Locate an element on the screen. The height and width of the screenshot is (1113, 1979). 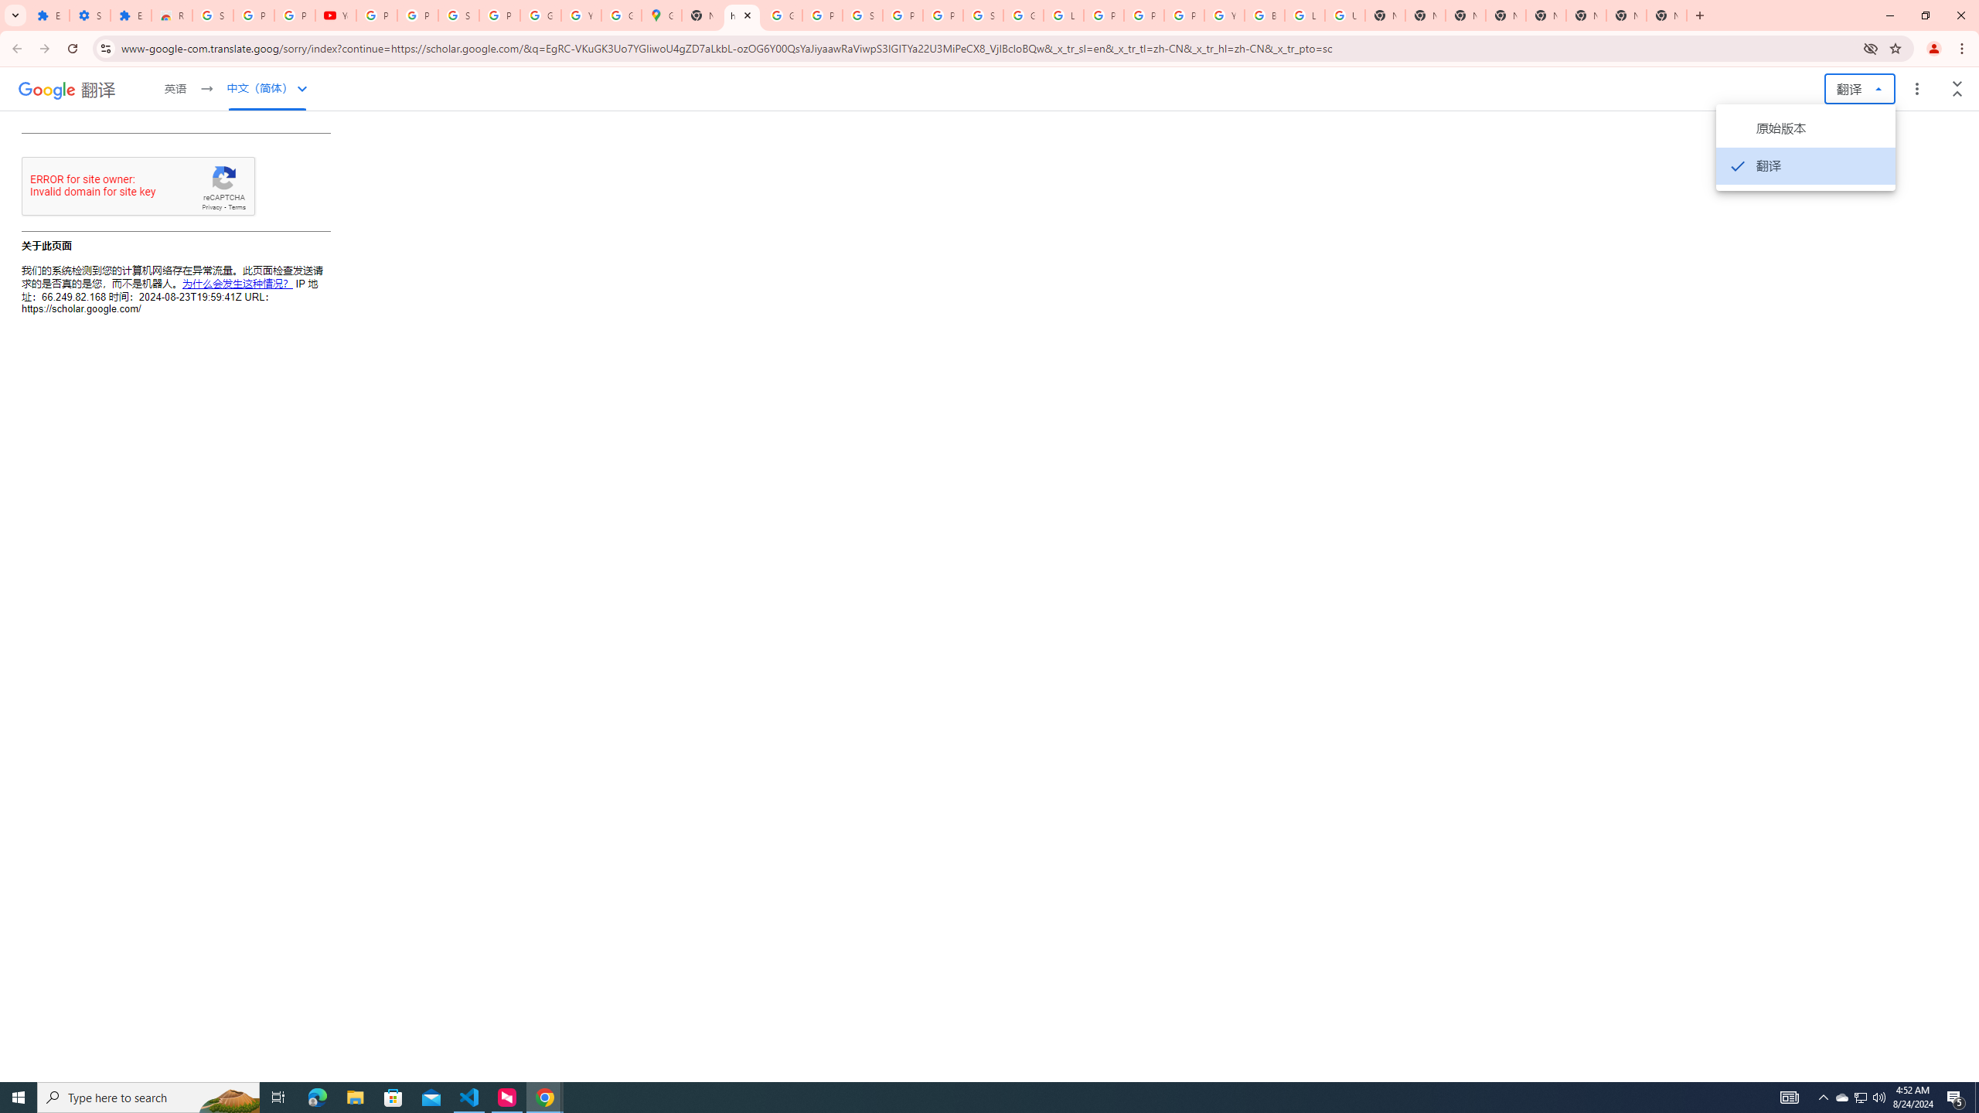
'Privacy Help Center - Policies Help' is located at coordinates (1143, 15).